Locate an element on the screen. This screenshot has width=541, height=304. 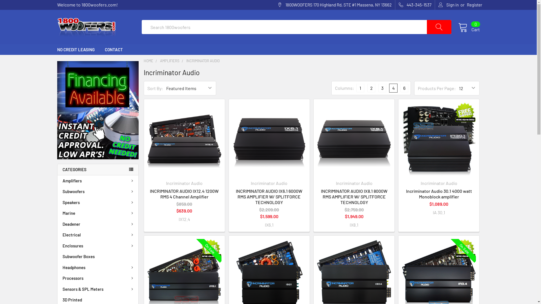
'Amplifiers' is located at coordinates (57, 181).